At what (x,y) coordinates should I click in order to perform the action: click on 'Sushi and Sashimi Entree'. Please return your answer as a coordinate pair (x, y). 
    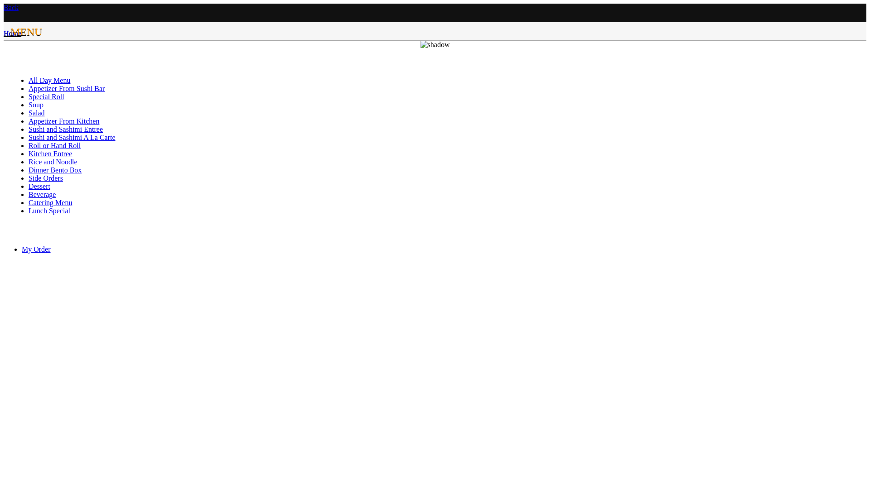
    Looking at the image, I should click on (65, 129).